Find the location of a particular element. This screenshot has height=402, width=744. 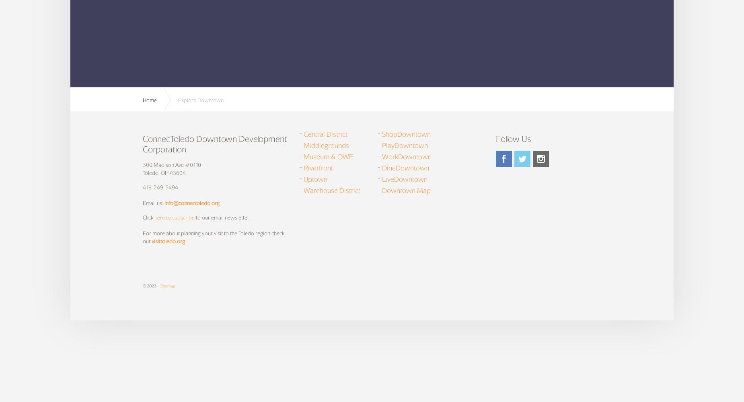

'WorkDowntown' is located at coordinates (406, 156).